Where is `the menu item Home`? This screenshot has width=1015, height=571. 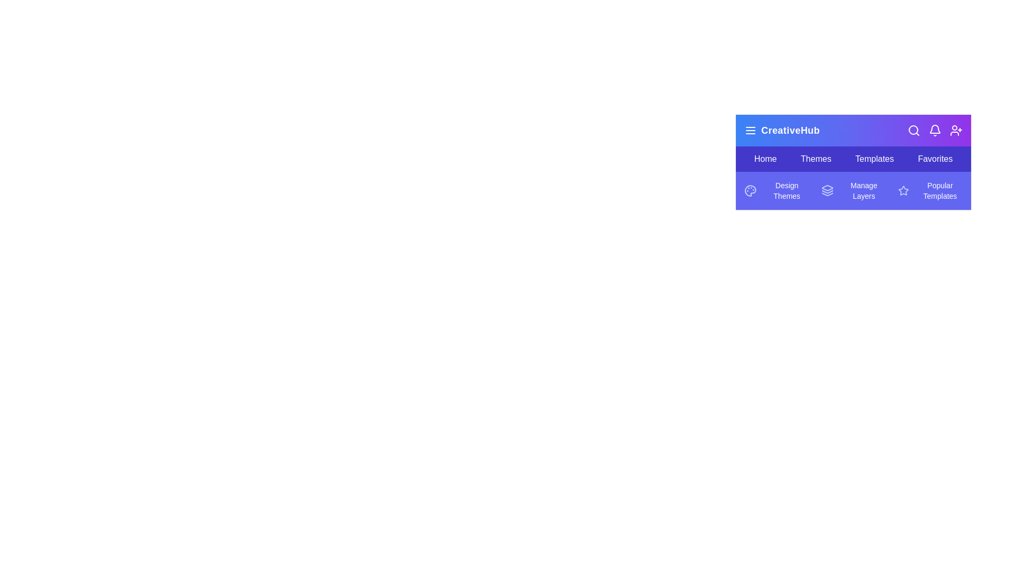 the menu item Home is located at coordinates (765, 159).